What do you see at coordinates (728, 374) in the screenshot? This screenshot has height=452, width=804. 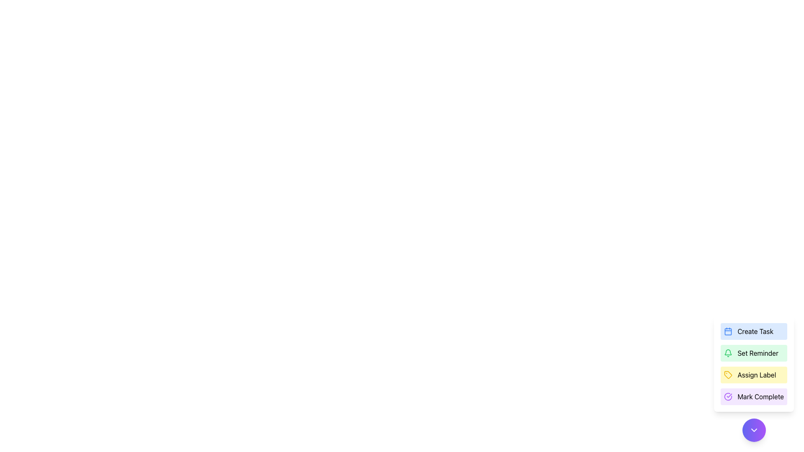 I see `the yellow tag icon within the 'Assign Label' menu option` at bounding box center [728, 374].